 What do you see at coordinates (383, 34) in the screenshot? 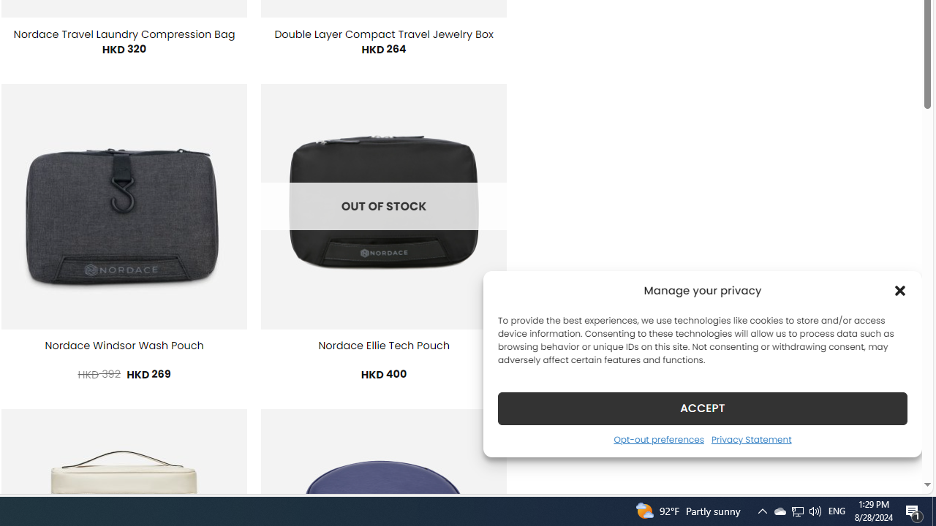
I see `'Double Layer Compact Travel Jewelry Box'` at bounding box center [383, 34].